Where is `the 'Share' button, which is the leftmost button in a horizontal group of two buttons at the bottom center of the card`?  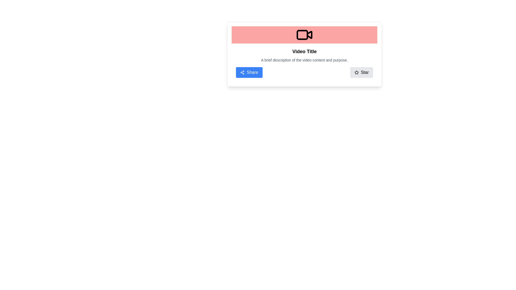
the 'Share' button, which is the leftmost button in a horizontal group of two buttons at the bottom center of the card is located at coordinates (249, 73).